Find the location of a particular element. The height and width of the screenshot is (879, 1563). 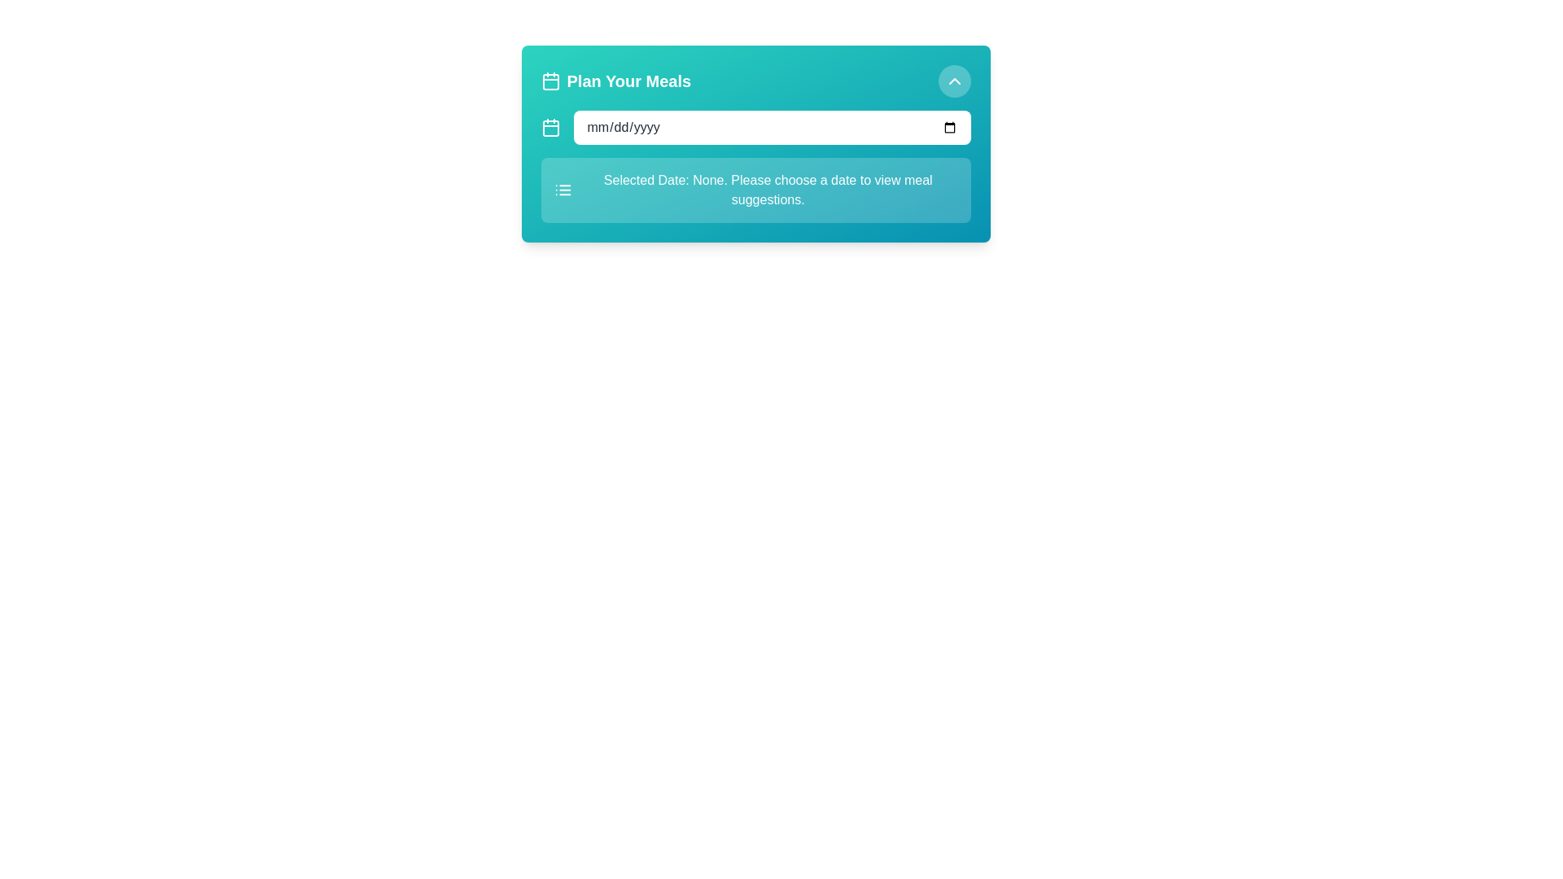

the decorative rectangle within the calendar icon located to the left of the 'mm/dd/yyyy' input field in the 'Plan Your Meals' card is located at coordinates (550, 128).